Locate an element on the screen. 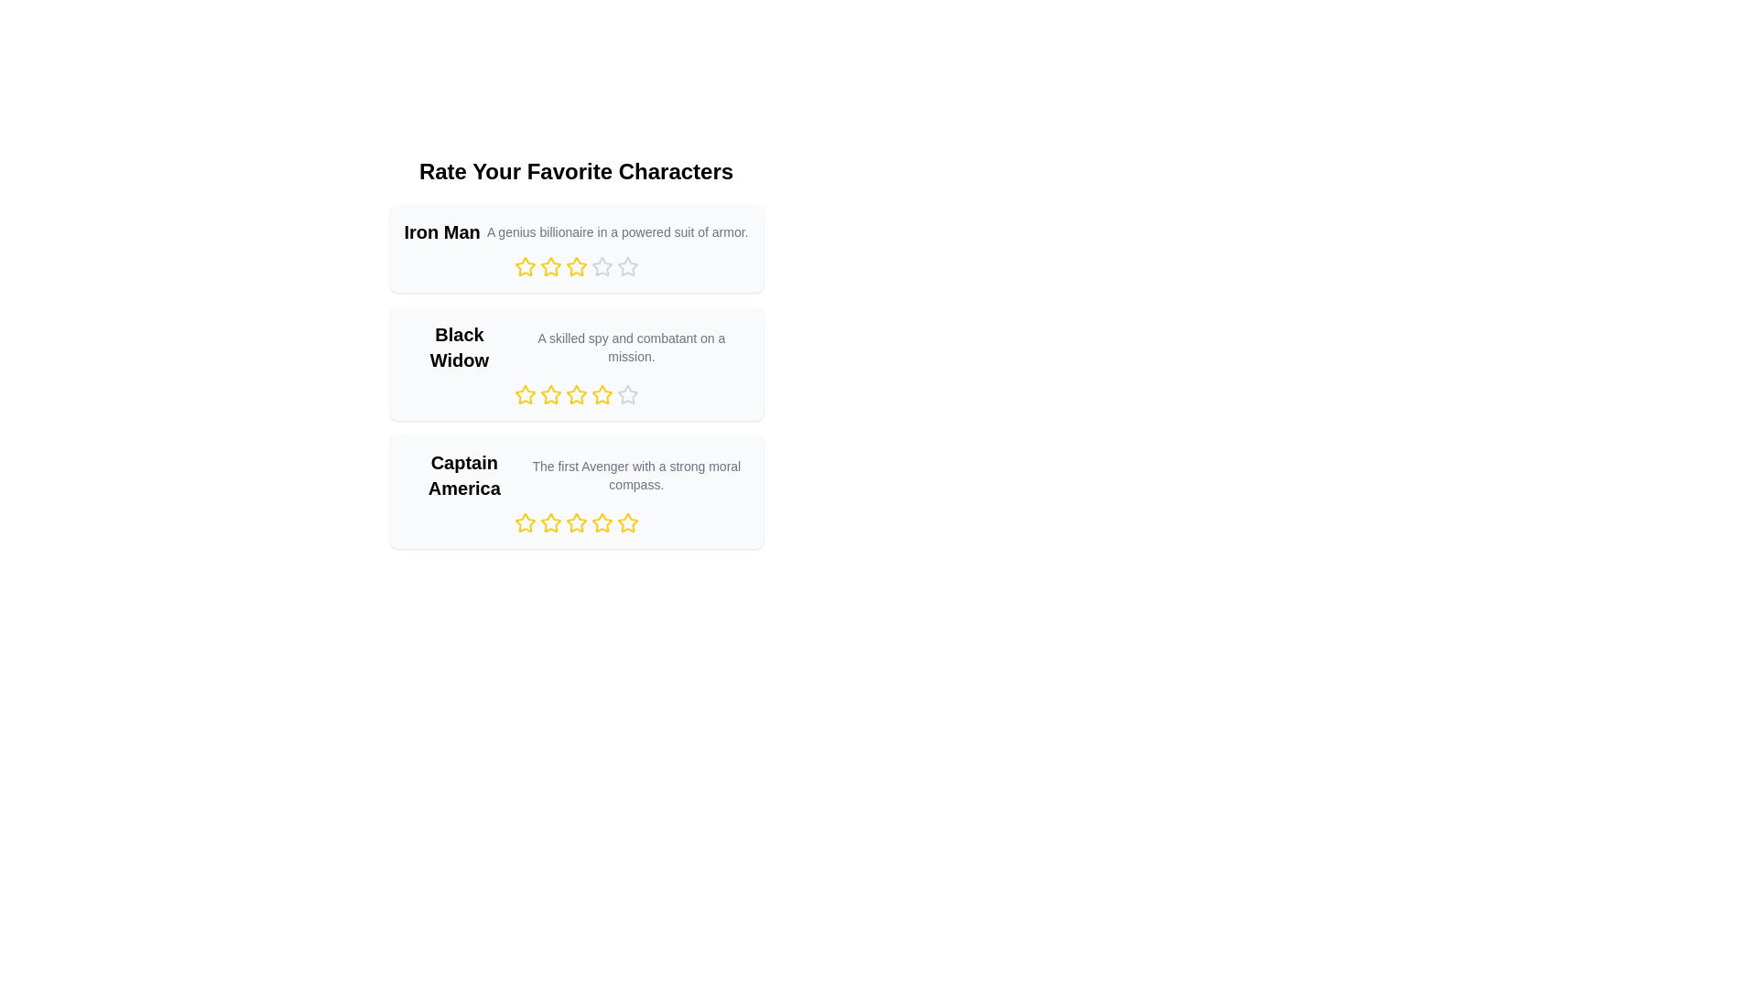 The width and height of the screenshot is (1758, 988). the Text block that provides the name and a short description of the character 'Iron Man', which is the first element among three character descriptions in the interface is located at coordinates (575, 231).